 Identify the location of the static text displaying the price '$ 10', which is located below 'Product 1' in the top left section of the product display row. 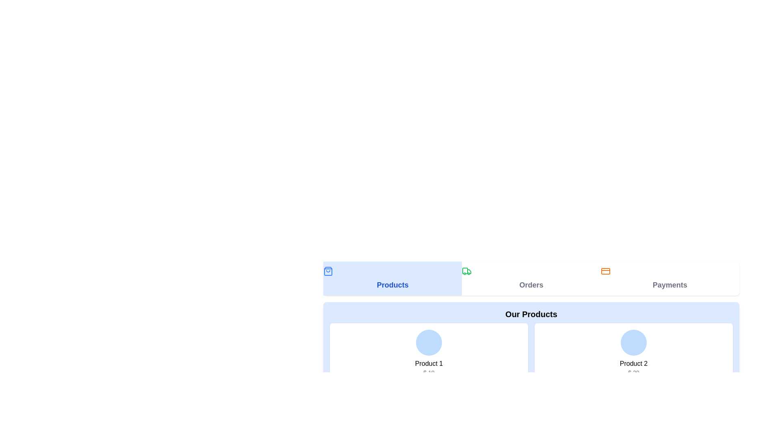
(429, 372).